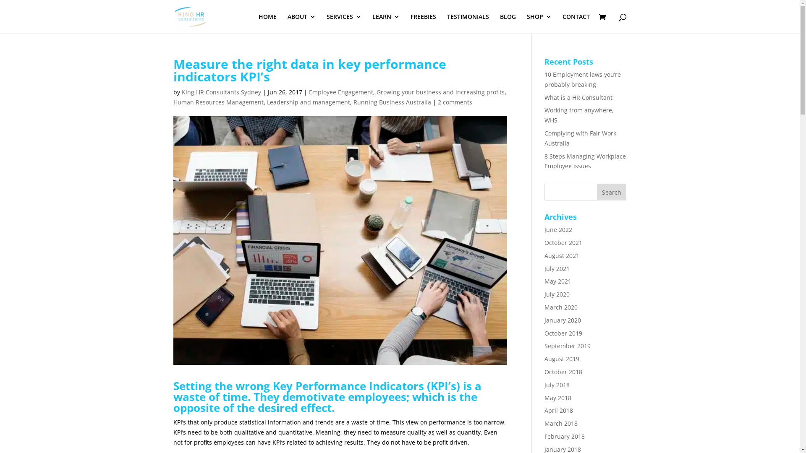 The image size is (806, 453). I want to click on 'September 2019', so click(544, 346).